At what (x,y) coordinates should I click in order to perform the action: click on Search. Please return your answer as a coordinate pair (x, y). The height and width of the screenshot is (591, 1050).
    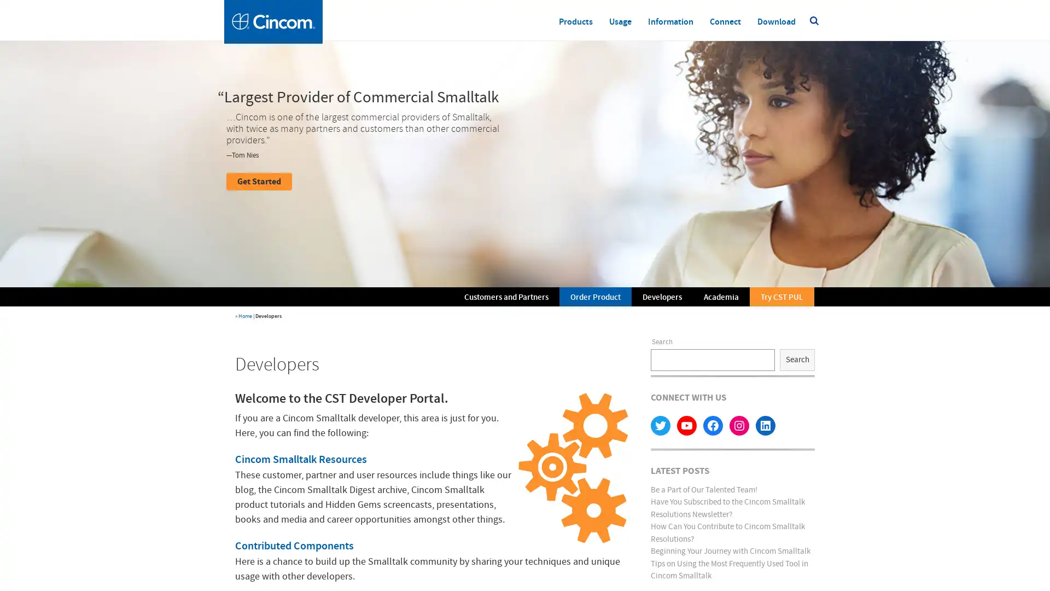
    Looking at the image, I should click on (797, 360).